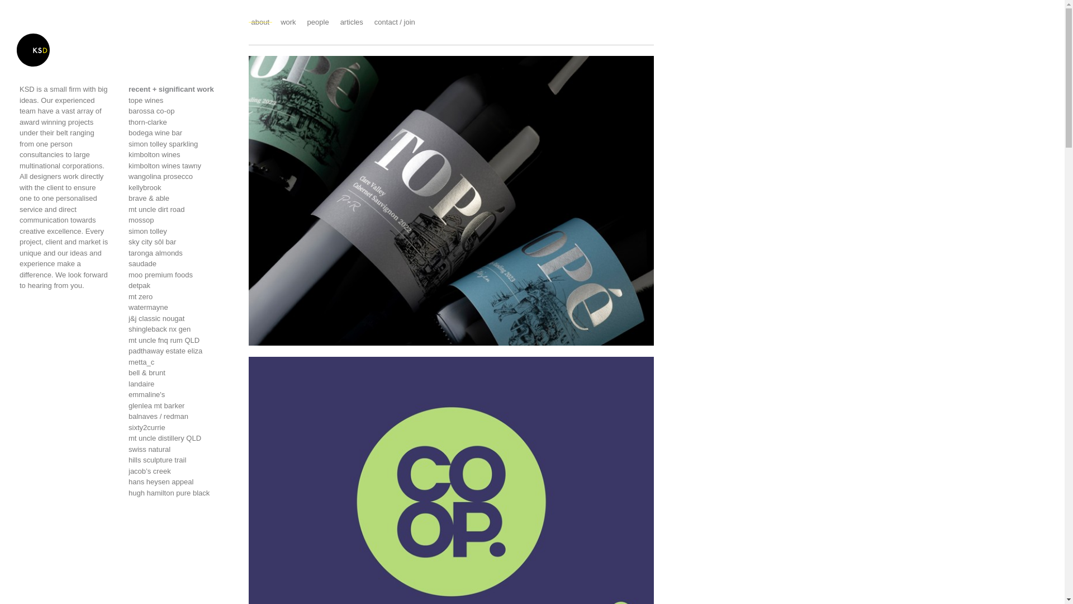  I want to click on 'moo premium foods', so click(179, 275).